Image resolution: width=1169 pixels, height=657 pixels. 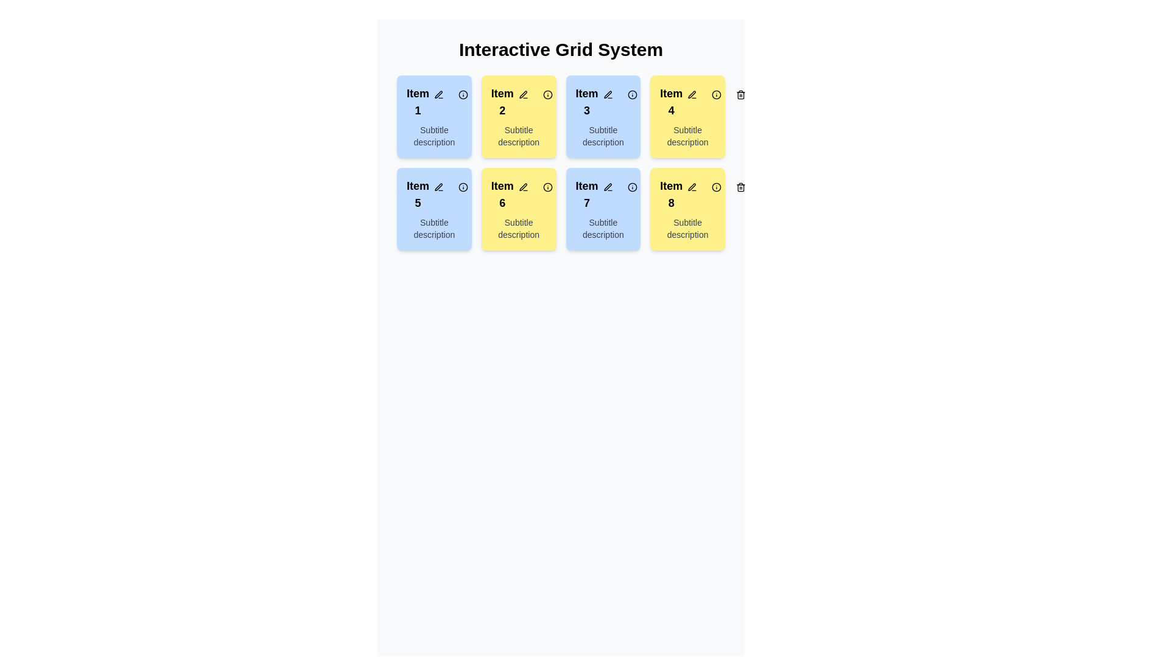 What do you see at coordinates (740, 187) in the screenshot?
I see `the delete button aligned with the fourth row of the grid` at bounding box center [740, 187].